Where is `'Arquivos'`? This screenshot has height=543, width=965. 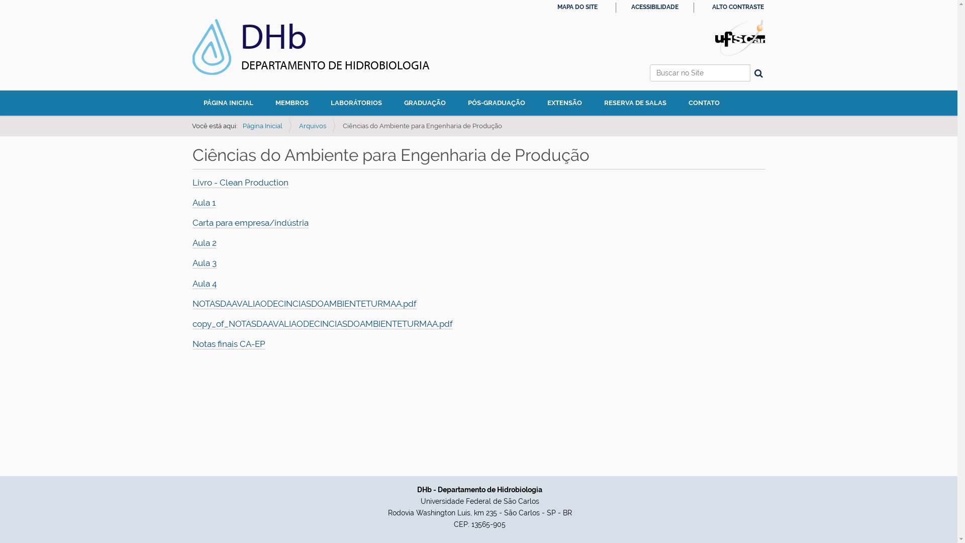 'Arquivos' is located at coordinates (311, 125).